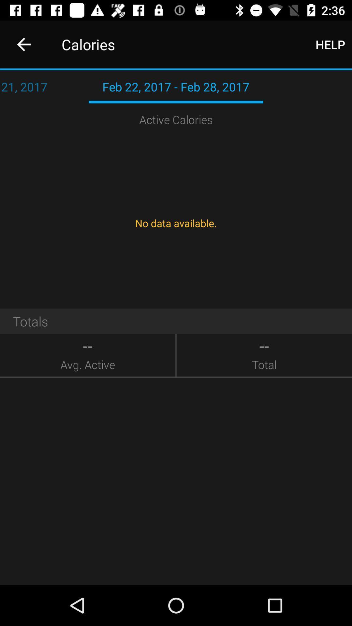  What do you see at coordinates (330, 44) in the screenshot?
I see `the button on the top right corner of the web page` at bounding box center [330, 44].